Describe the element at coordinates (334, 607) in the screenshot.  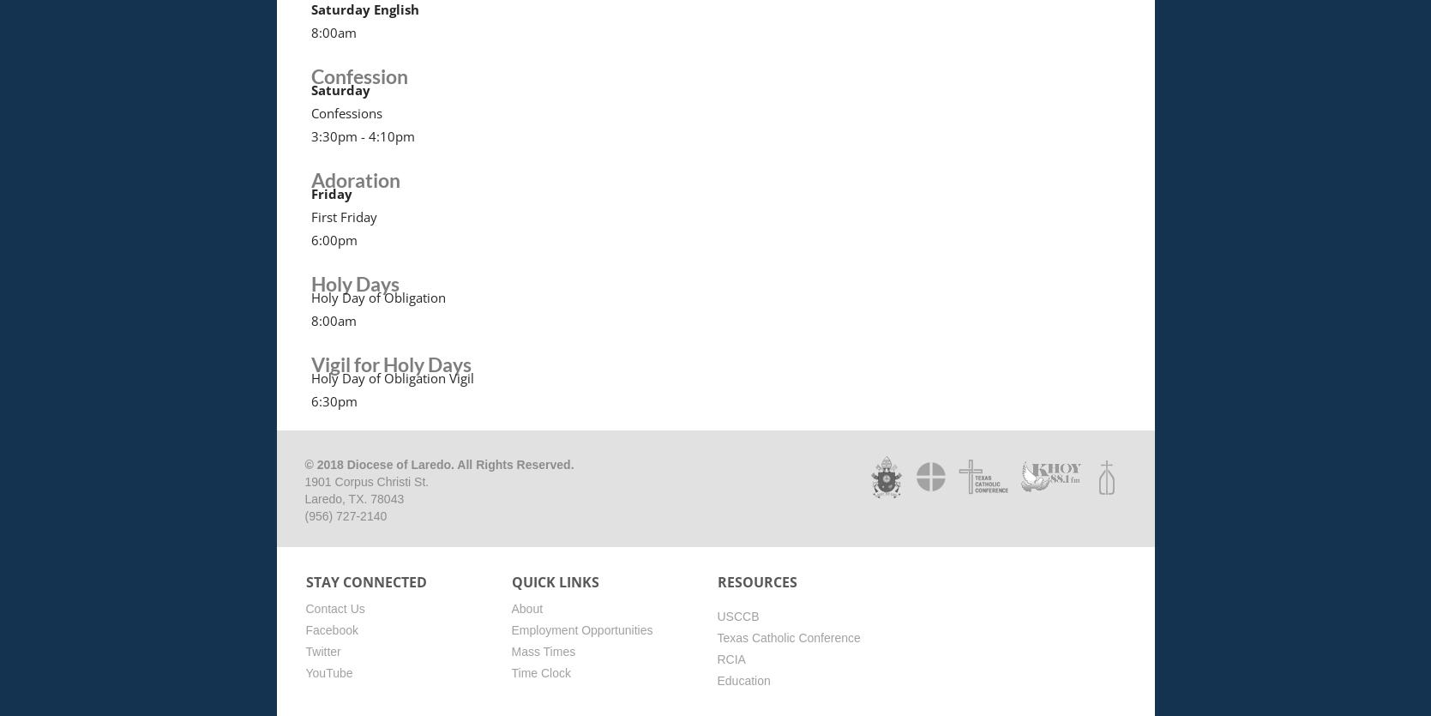
I see `'Contact Us'` at that location.